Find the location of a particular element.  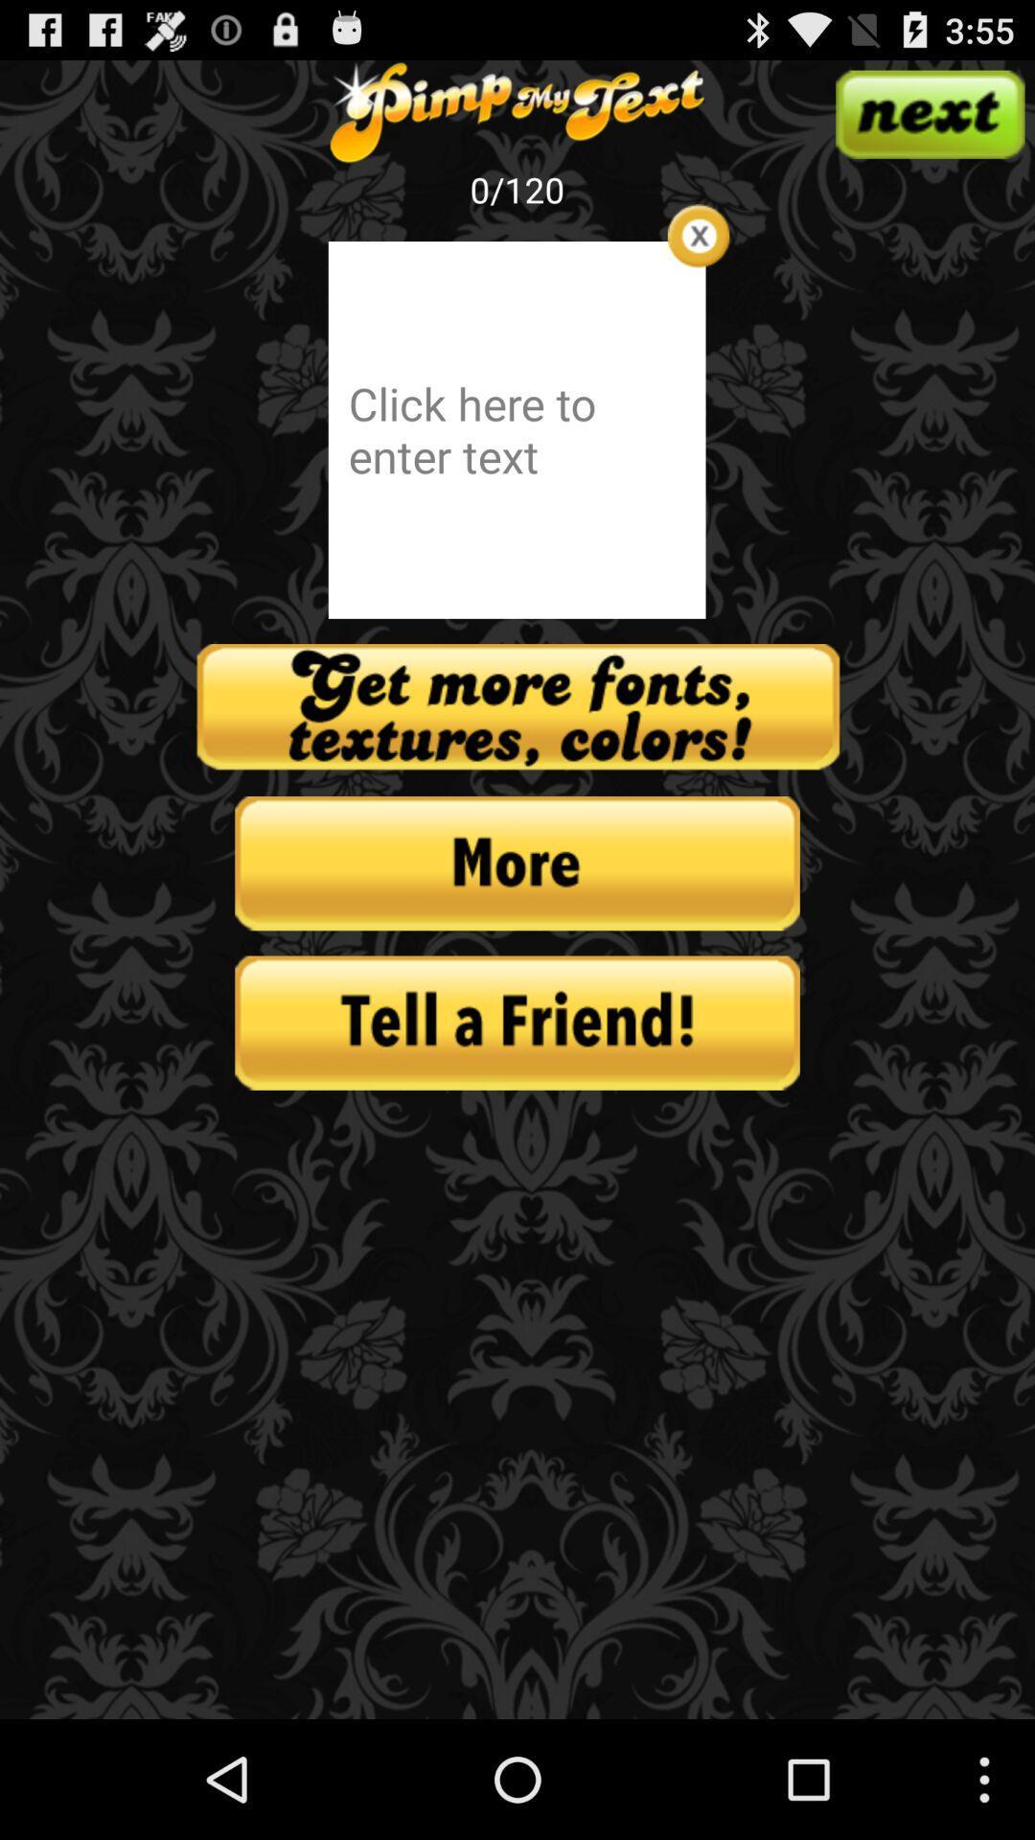

share with a friend is located at coordinates (517, 1022).